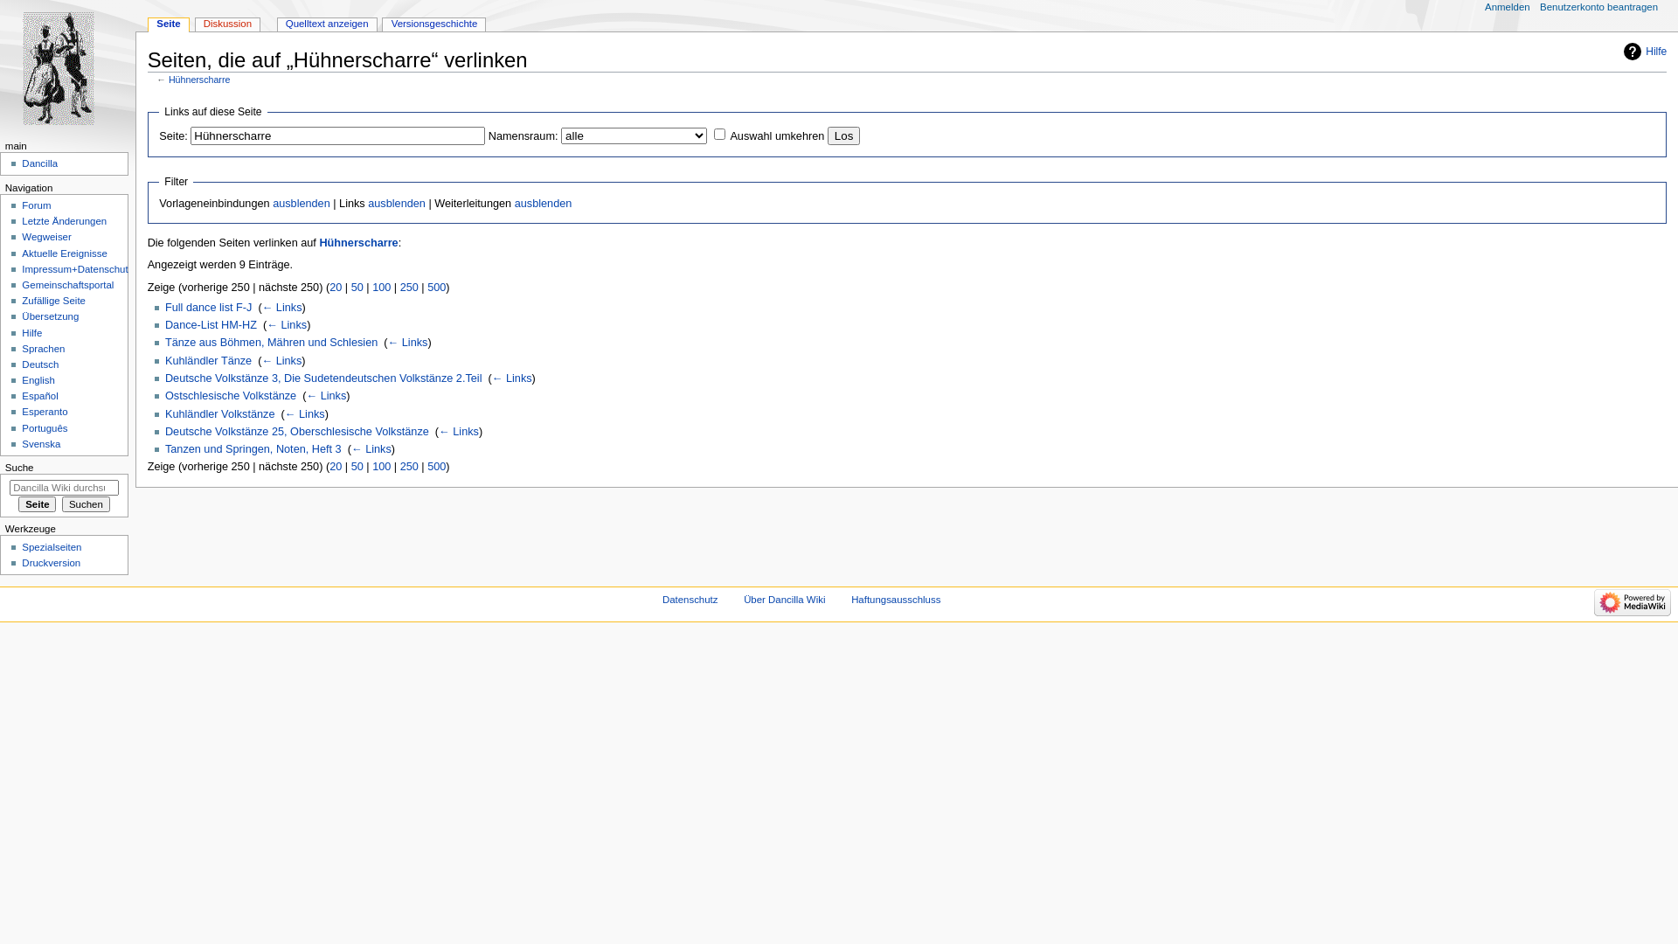  Describe the element at coordinates (433, 24) in the screenshot. I see `'Versionsgeschichte'` at that location.